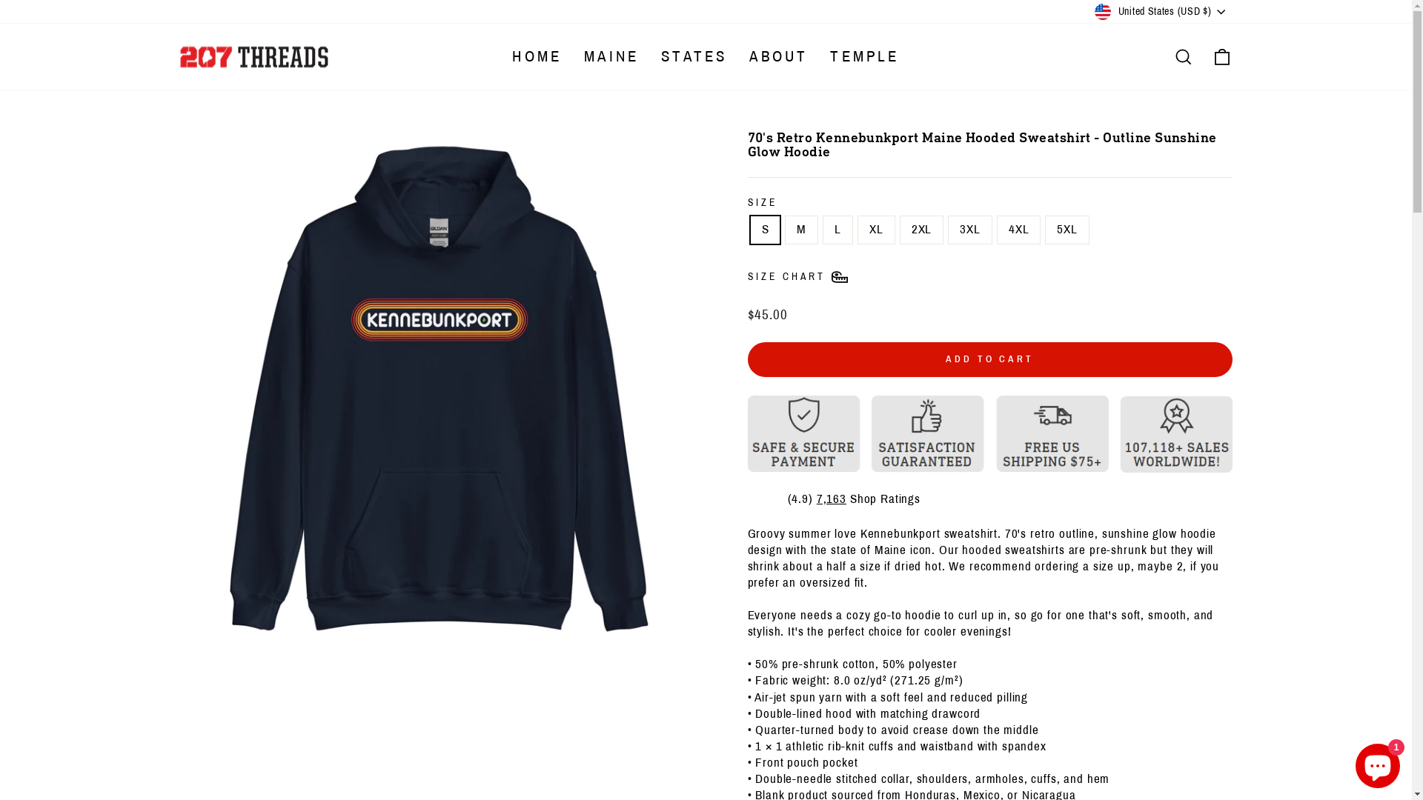 The width and height of the screenshot is (1423, 800). Describe the element at coordinates (536, 56) in the screenshot. I see `'HOME'` at that location.